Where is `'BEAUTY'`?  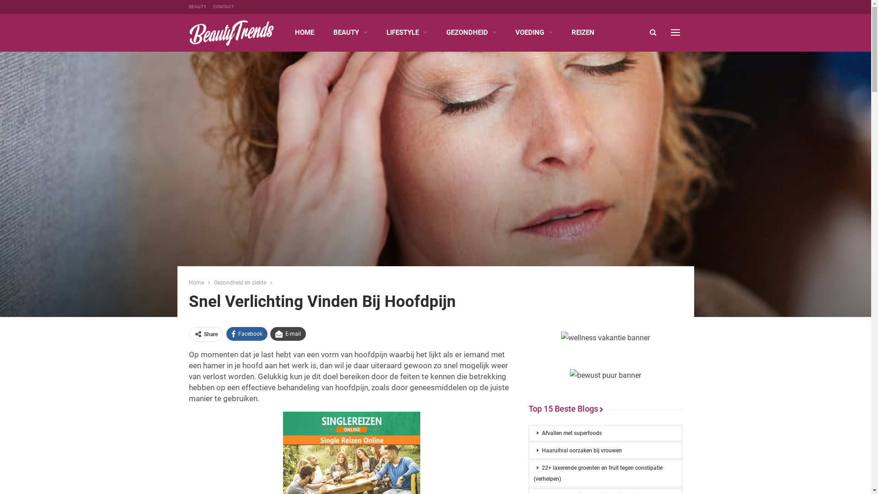
'BEAUTY' is located at coordinates (197, 6).